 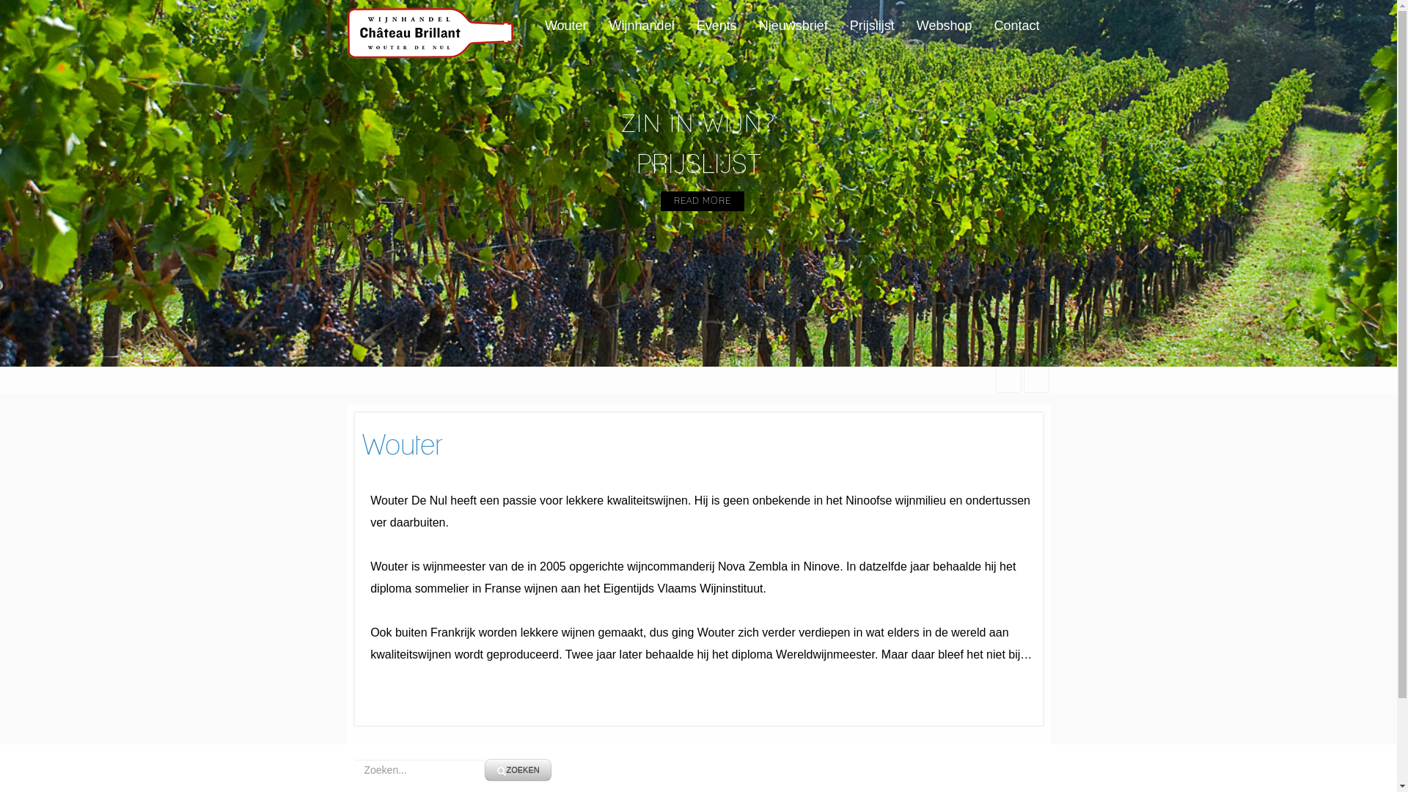 I want to click on 'facebook', so click(x=1007, y=379).